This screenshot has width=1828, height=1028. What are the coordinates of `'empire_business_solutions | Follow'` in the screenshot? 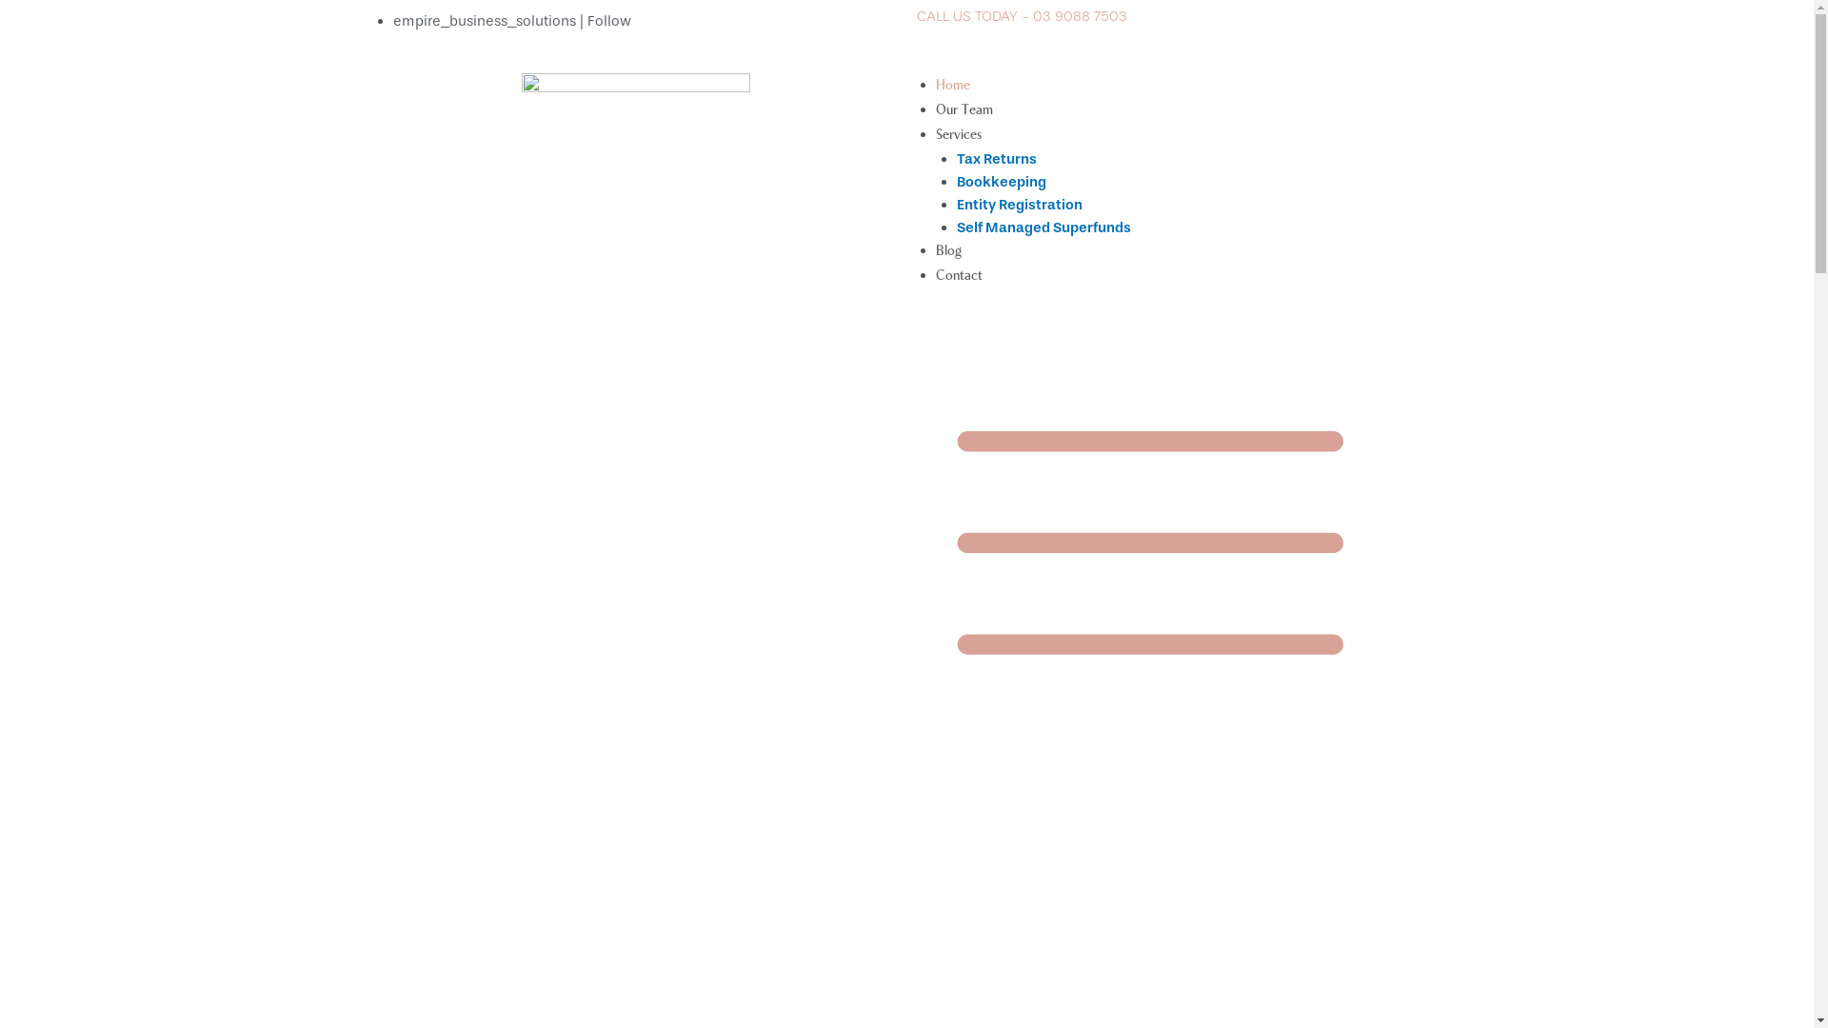 It's located at (511, 21).